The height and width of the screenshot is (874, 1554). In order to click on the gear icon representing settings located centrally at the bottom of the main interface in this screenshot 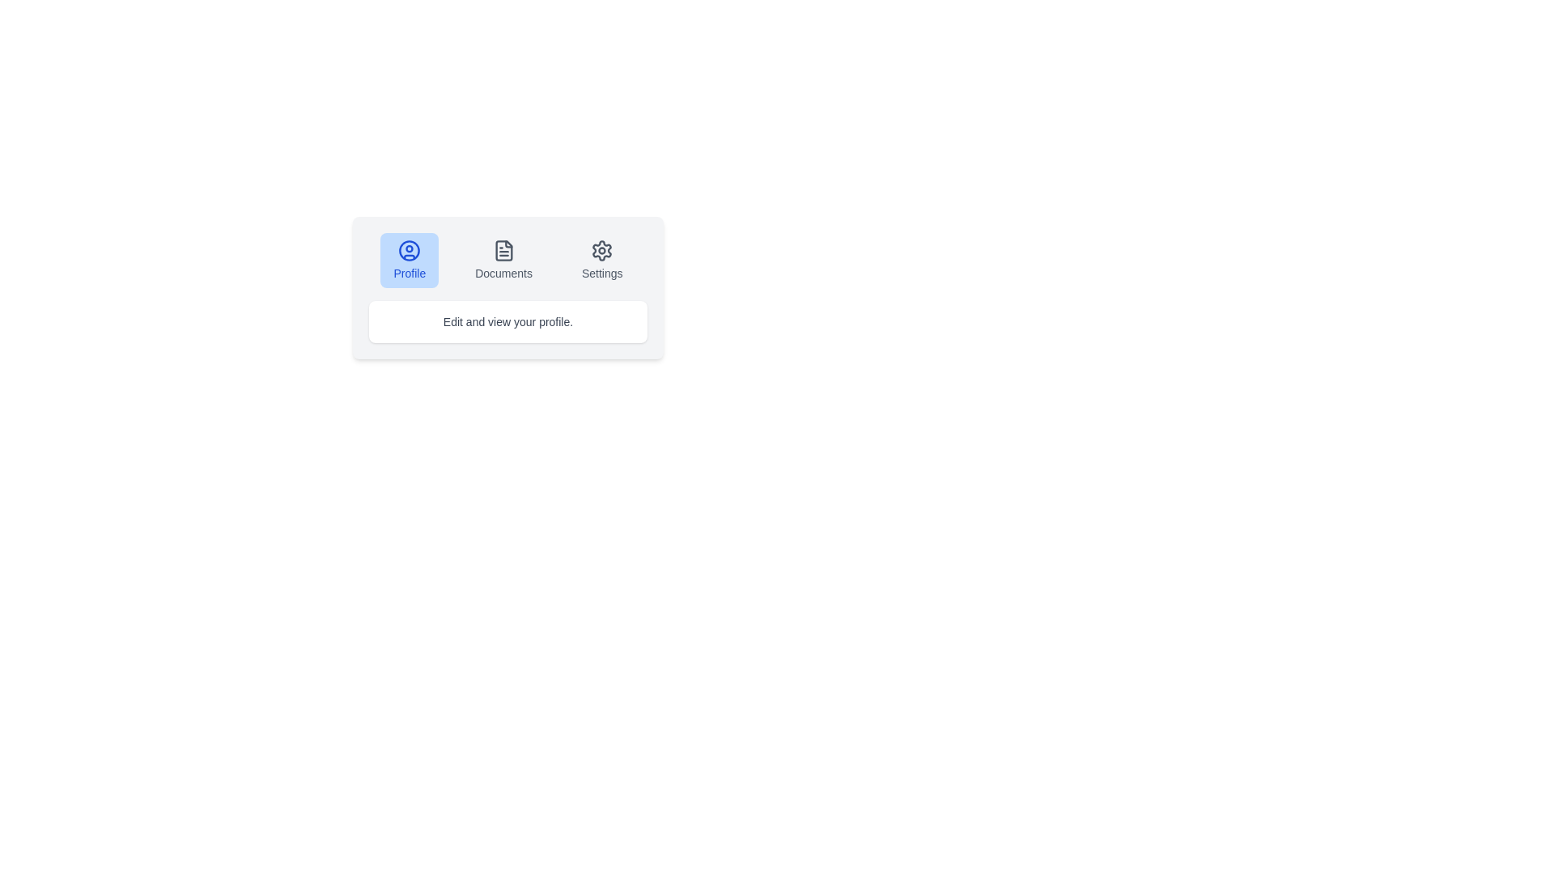, I will do `click(601, 250)`.